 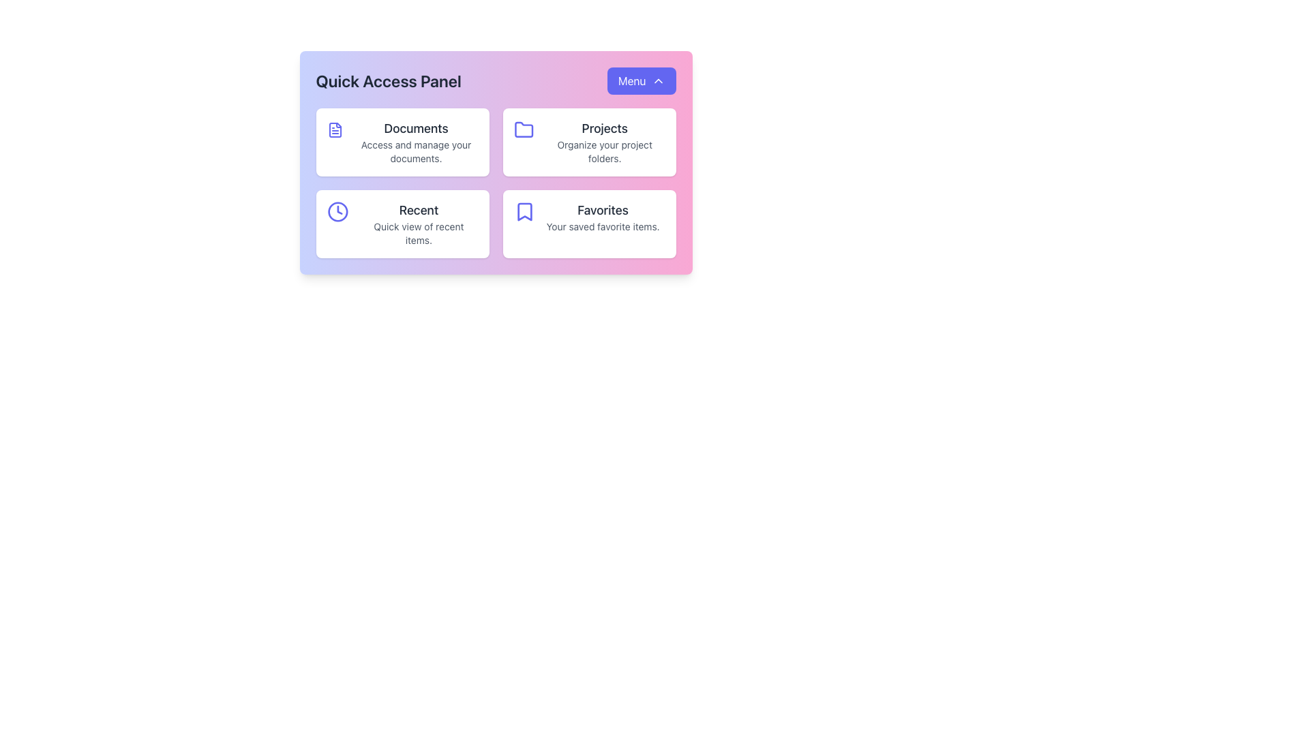 I want to click on the 'Favorites' graphical icon element, which indicates the section for saved favorite items, positioned to the right of the center and below the 'Projects' section, so click(x=524, y=212).